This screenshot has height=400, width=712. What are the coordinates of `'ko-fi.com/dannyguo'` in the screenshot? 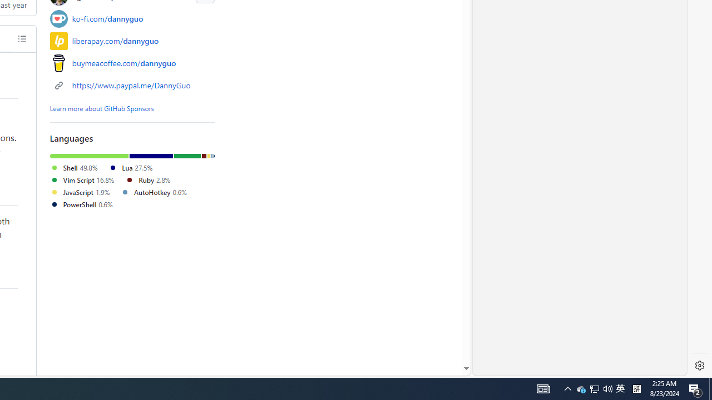 It's located at (132, 18).